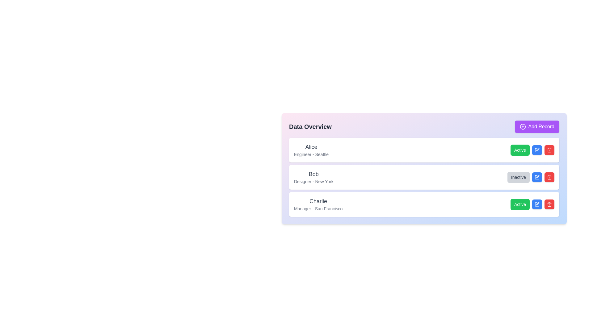 The width and height of the screenshot is (593, 333). I want to click on the circular icon with a plus sign in the center, which is located inside the purple 'Add Record' button at the top-right corner of the panel, so click(522, 126).